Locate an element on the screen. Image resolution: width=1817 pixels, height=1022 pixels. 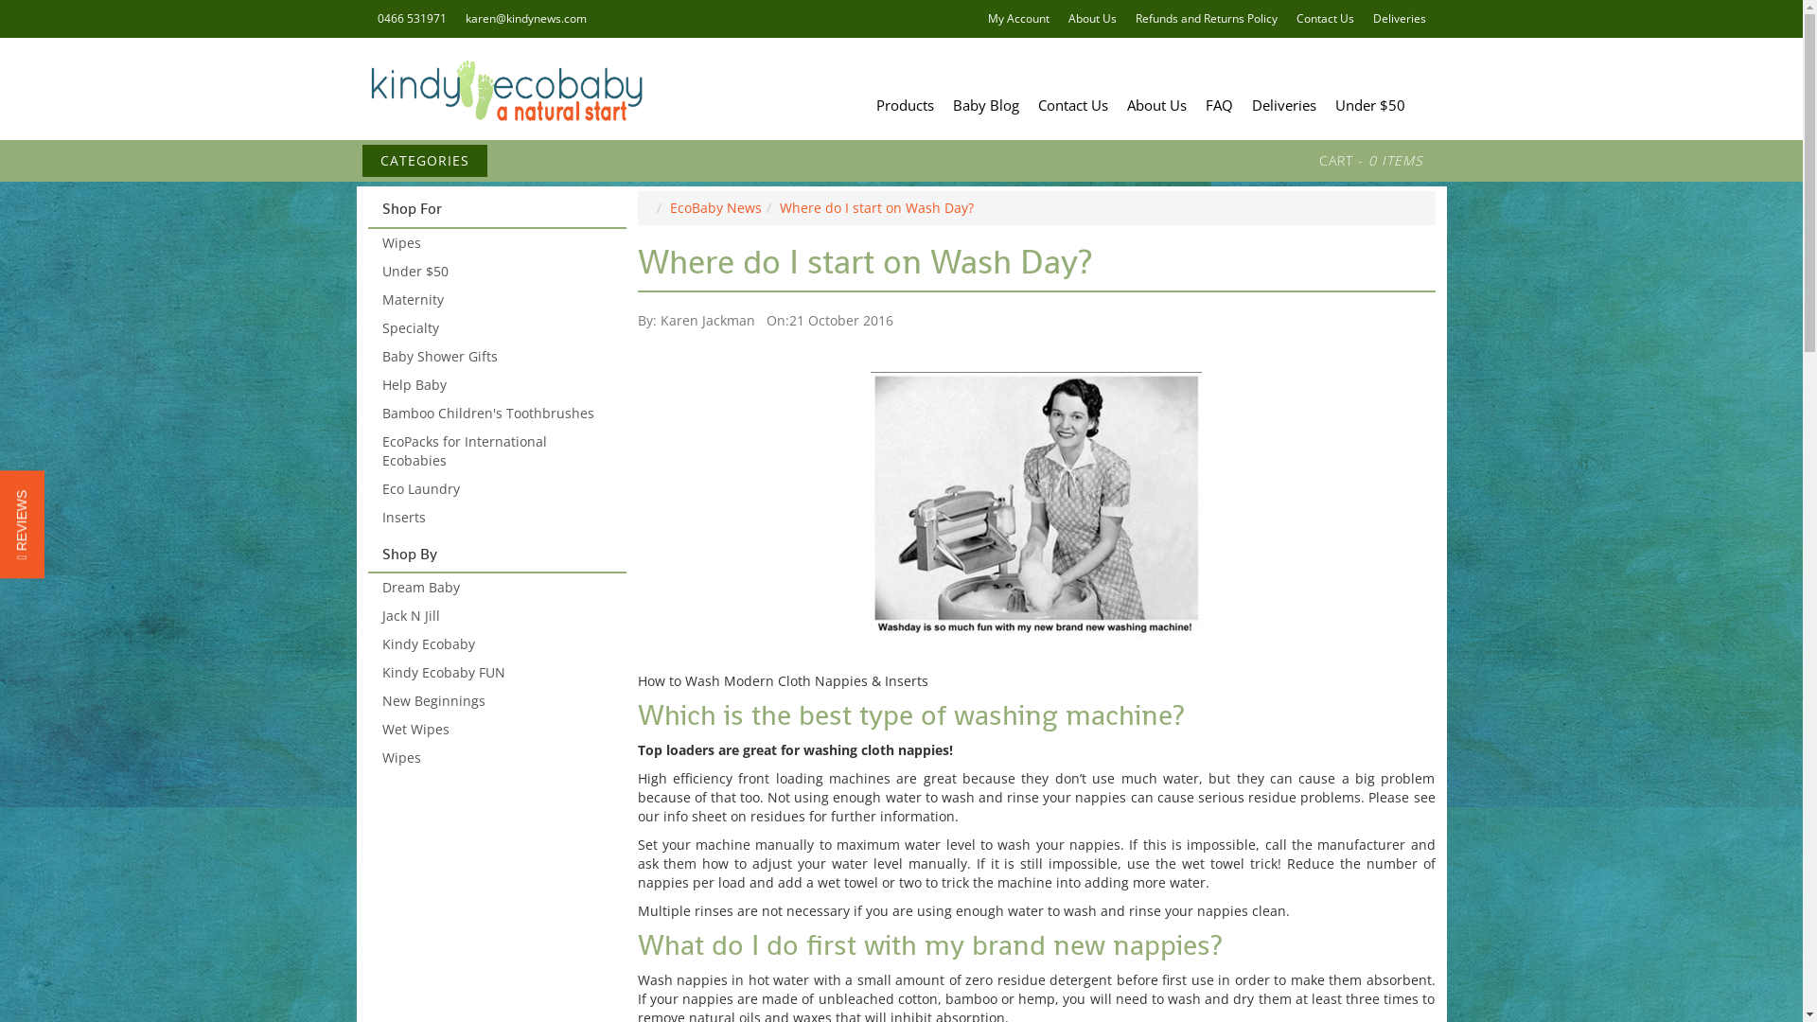
'0466 531971' is located at coordinates (410, 18).